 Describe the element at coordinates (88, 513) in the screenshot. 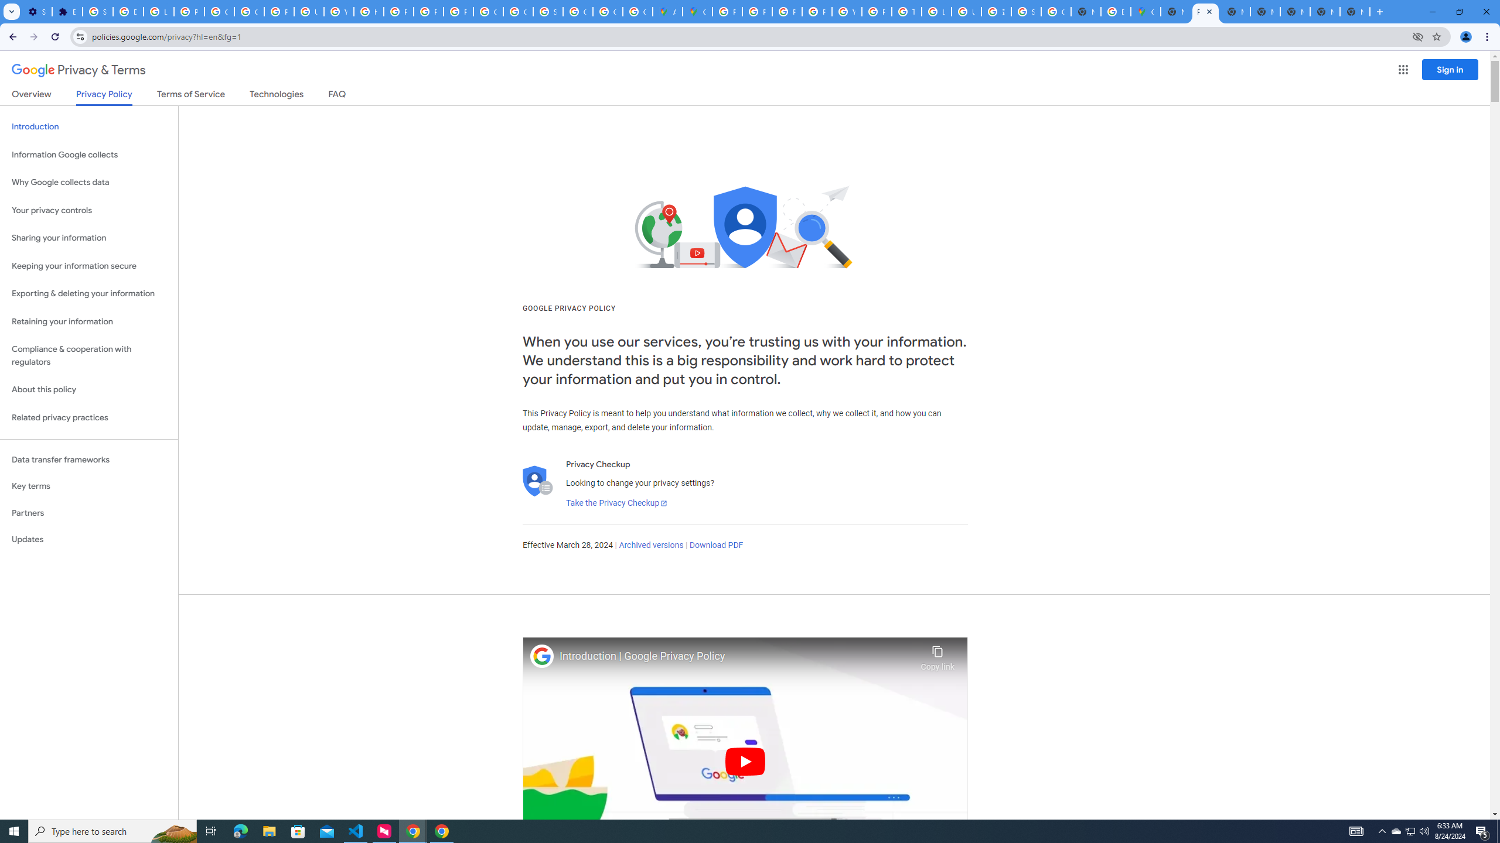

I see `'Partners'` at that location.